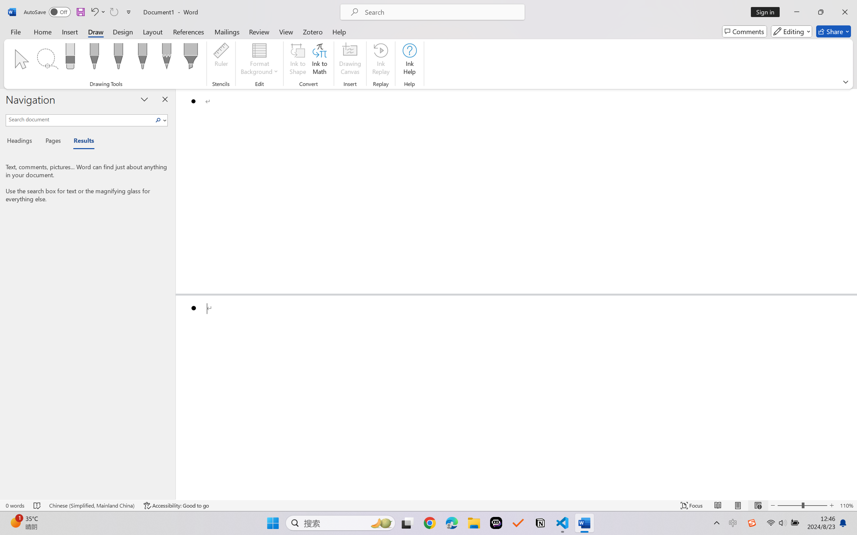 Image resolution: width=857 pixels, height=535 pixels. I want to click on 'Can', so click(113, 12).